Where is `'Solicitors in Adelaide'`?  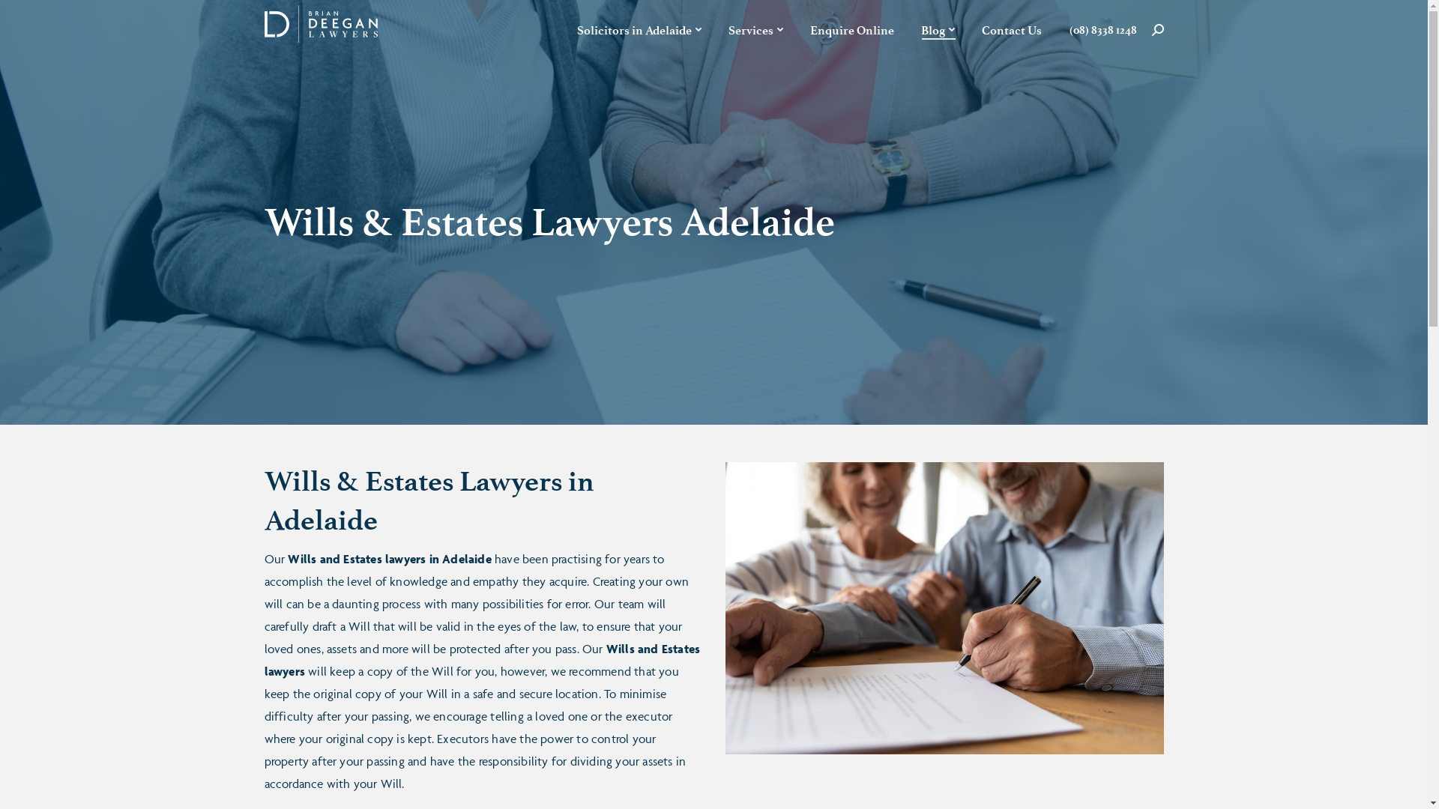
'Solicitors in Adelaide' is located at coordinates (639, 29).